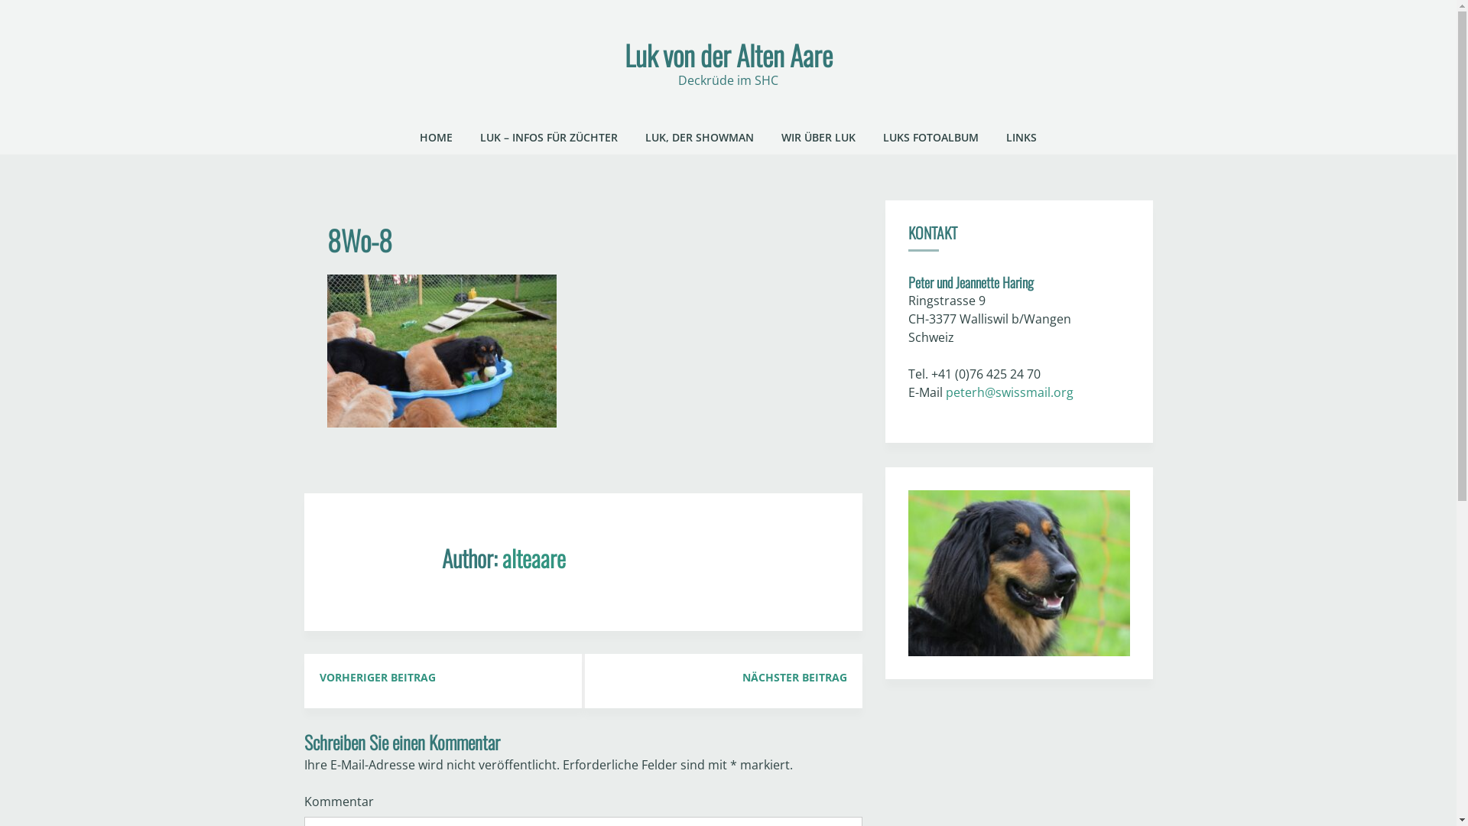 The image size is (1468, 826). Describe the element at coordinates (1008, 392) in the screenshot. I see `'peterh@swissmail.org'` at that location.